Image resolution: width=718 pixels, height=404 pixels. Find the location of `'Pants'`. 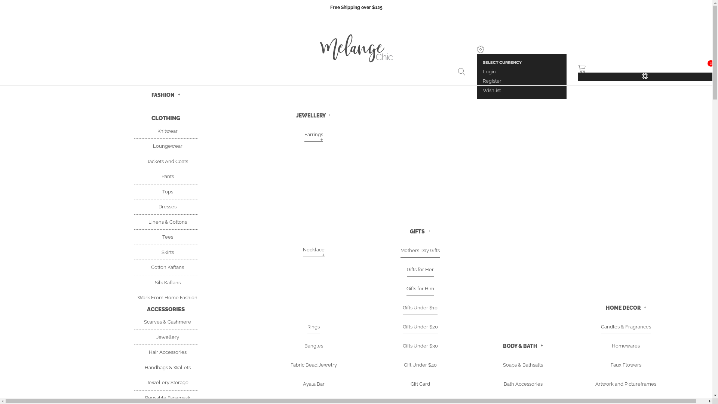

'Pants' is located at coordinates (165, 176).